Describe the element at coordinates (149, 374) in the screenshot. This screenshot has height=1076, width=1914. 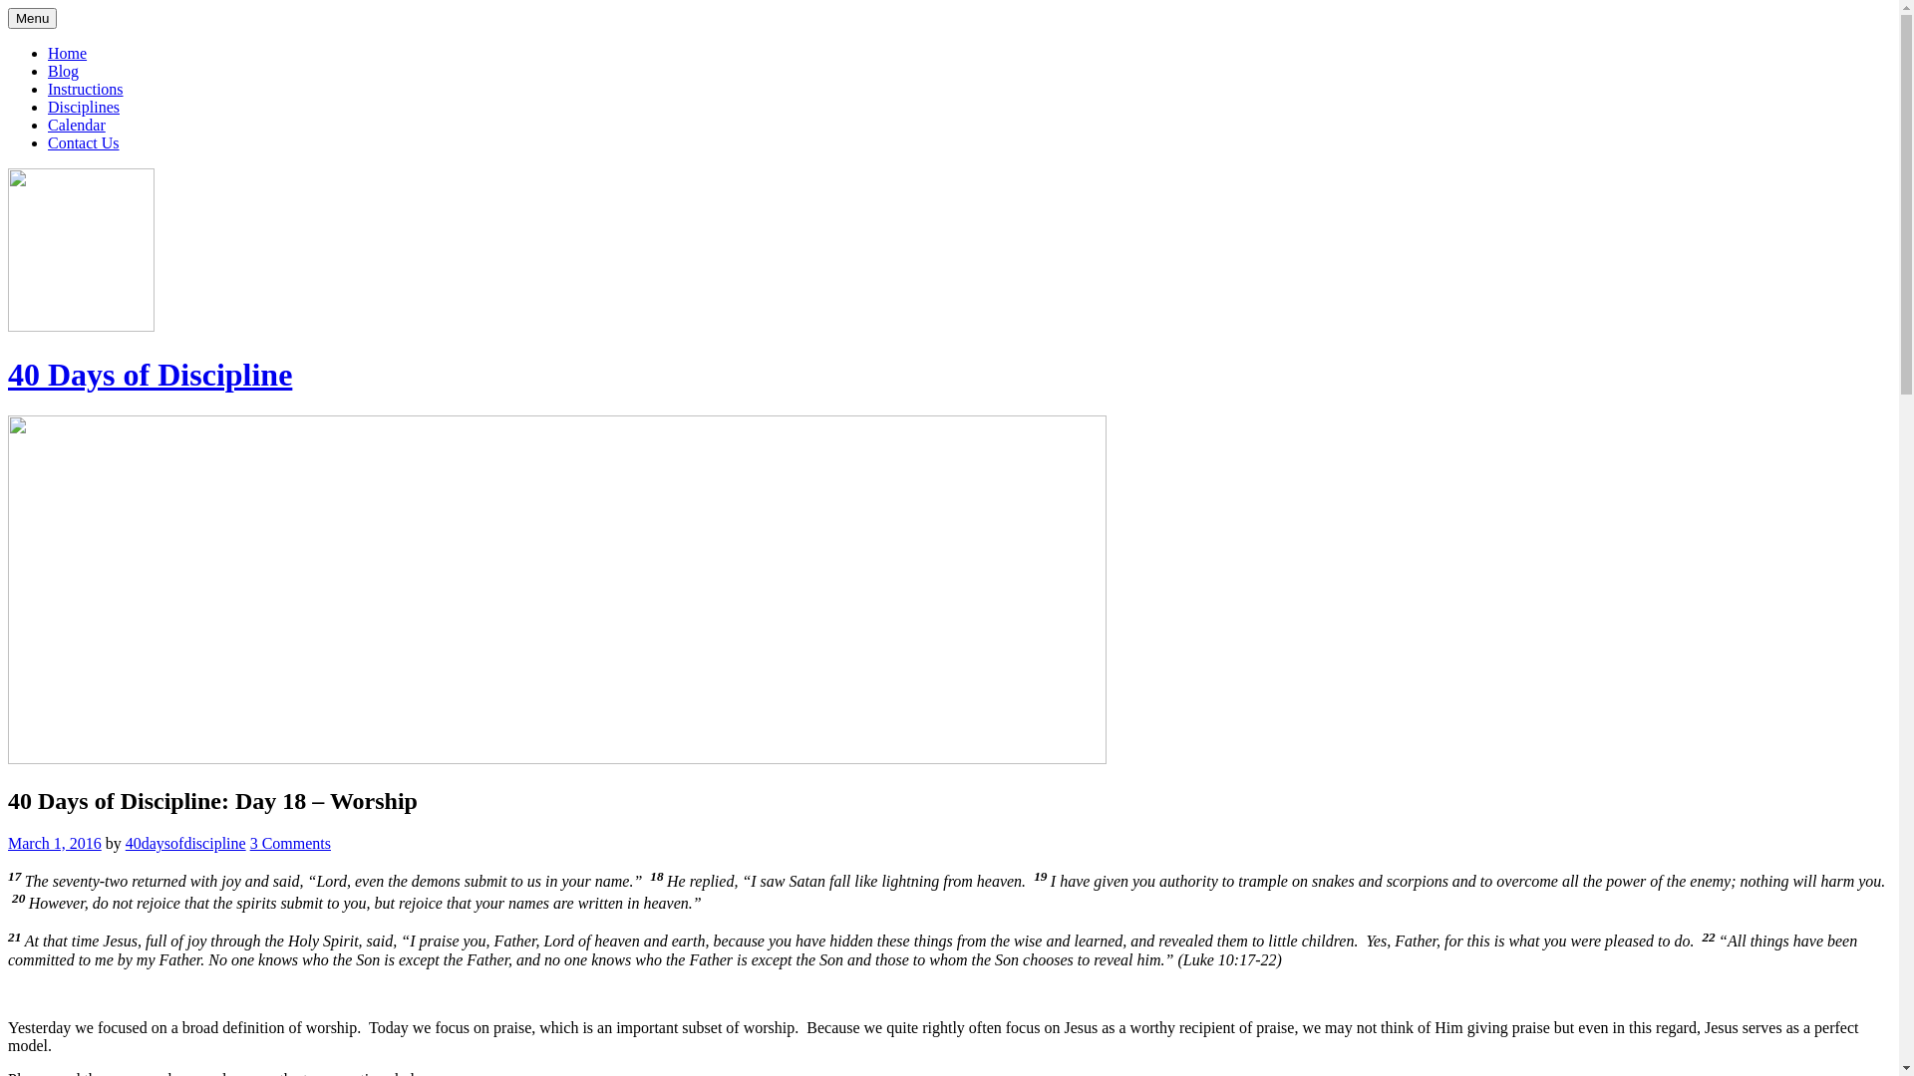
I see `'40 Days of Discipline'` at that location.